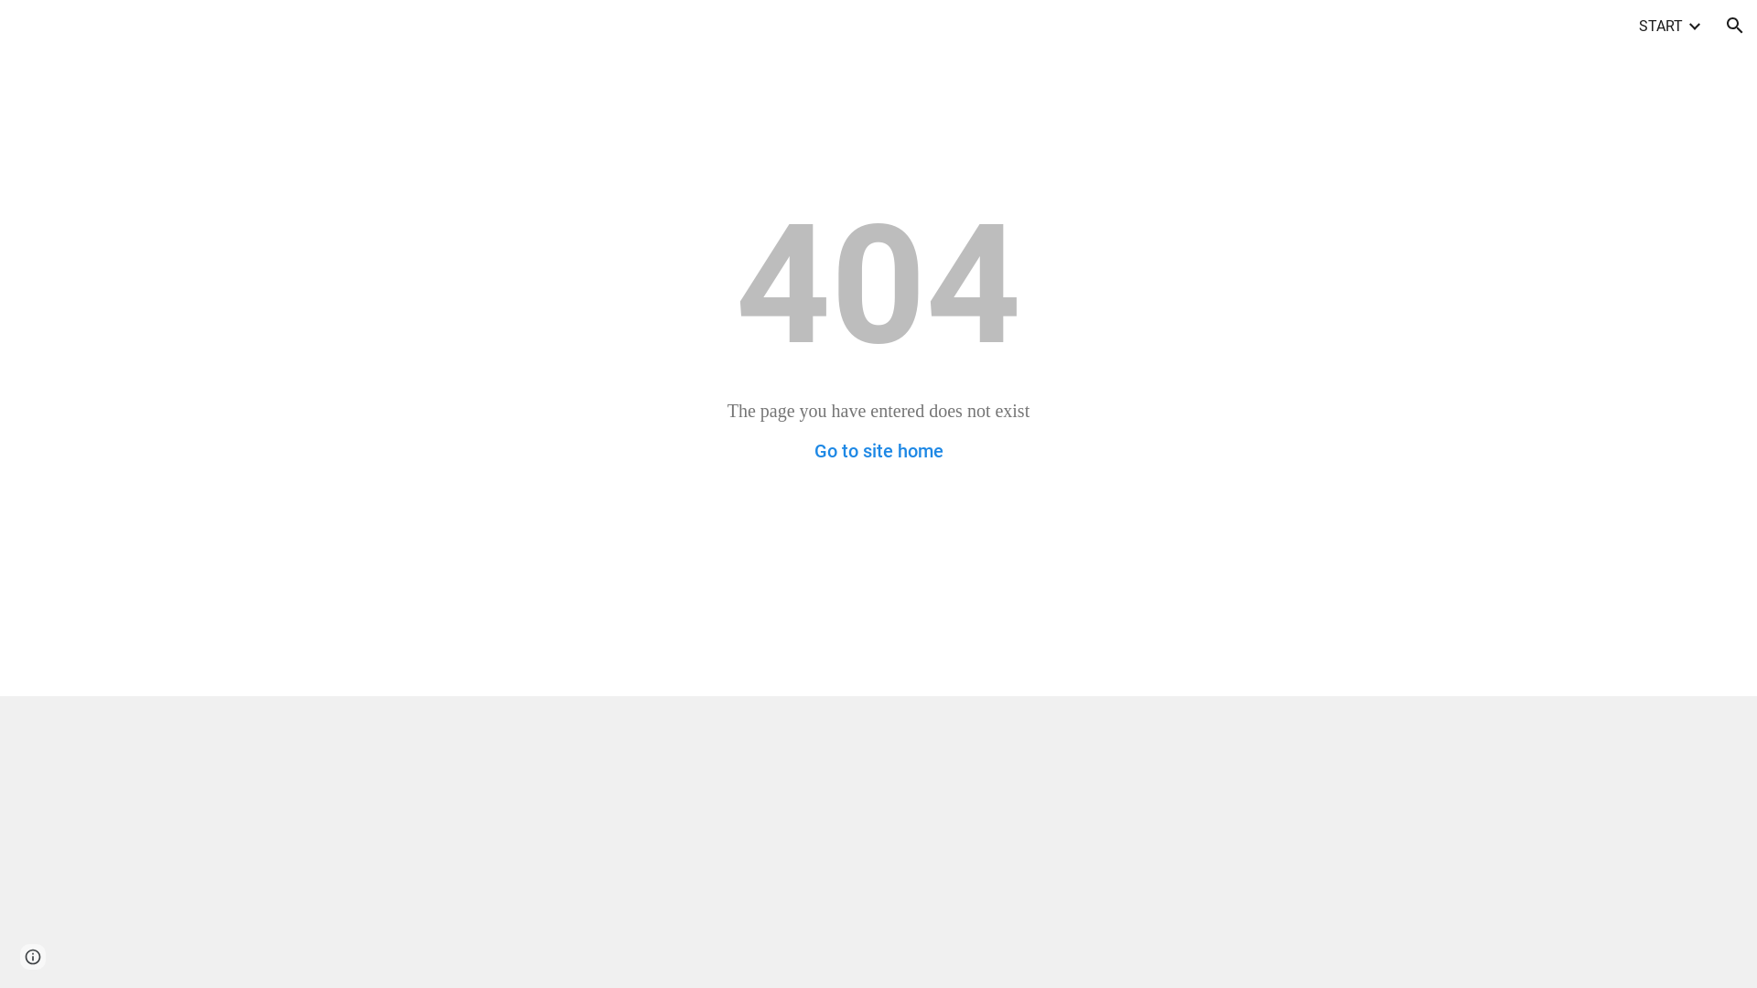  Describe the element at coordinates (1685, 25) in the screenshot. I see `'Expand/Collapse'` at that location.